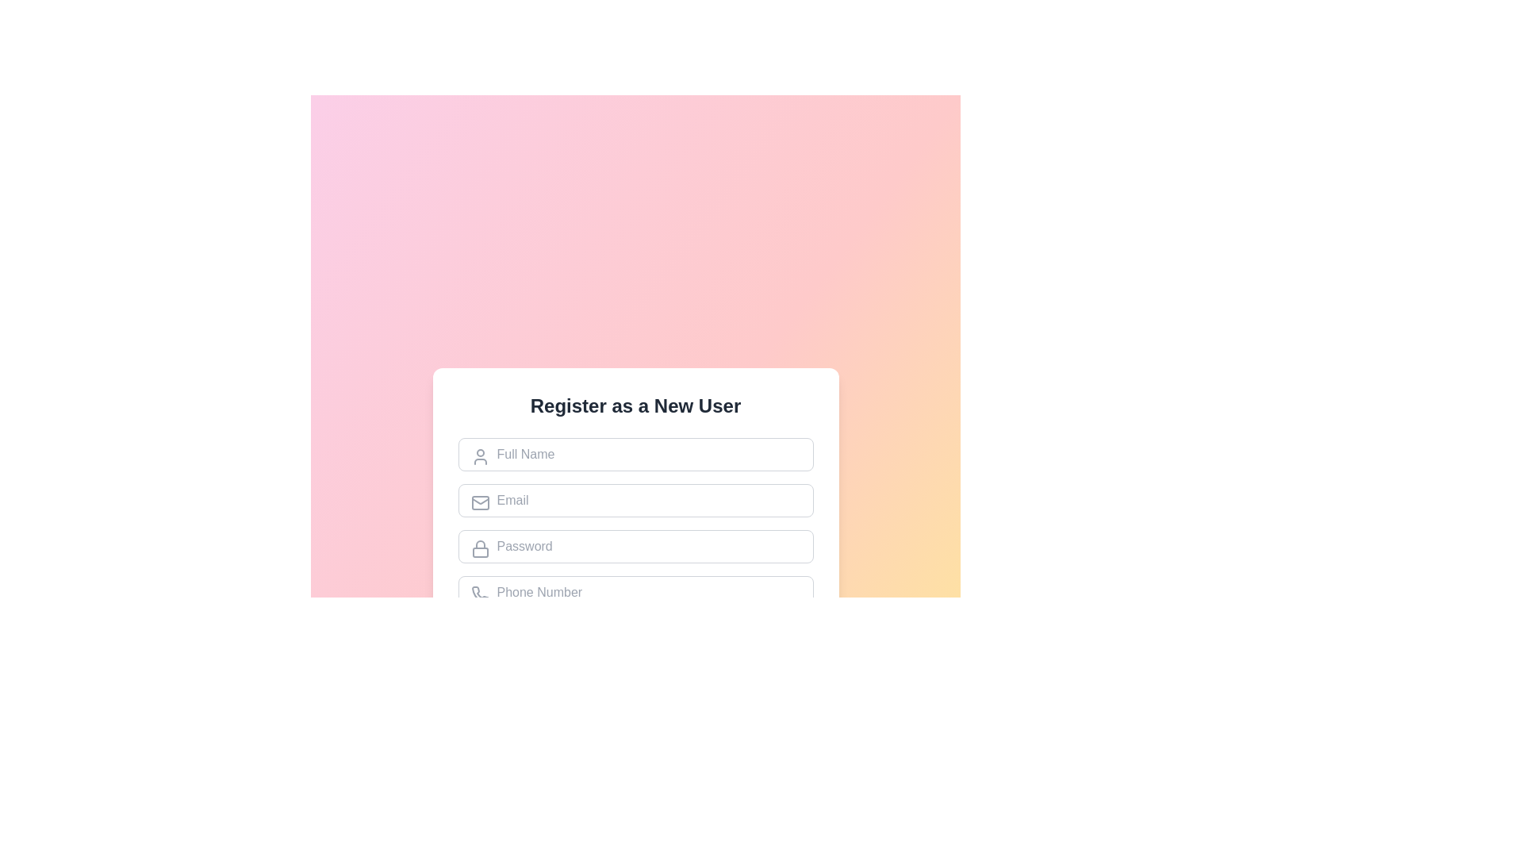 The width and height of the screenshot is (1523, 857). What do you see at coordinates (479, 551) in the screenshot?
I see `the rectangular Decorative SVG shape that forms part of the lock icon, which is gray-themed with rounded corners and positioned below the shackle representation adjacent to the password input field` at bounding box center [479, 551].